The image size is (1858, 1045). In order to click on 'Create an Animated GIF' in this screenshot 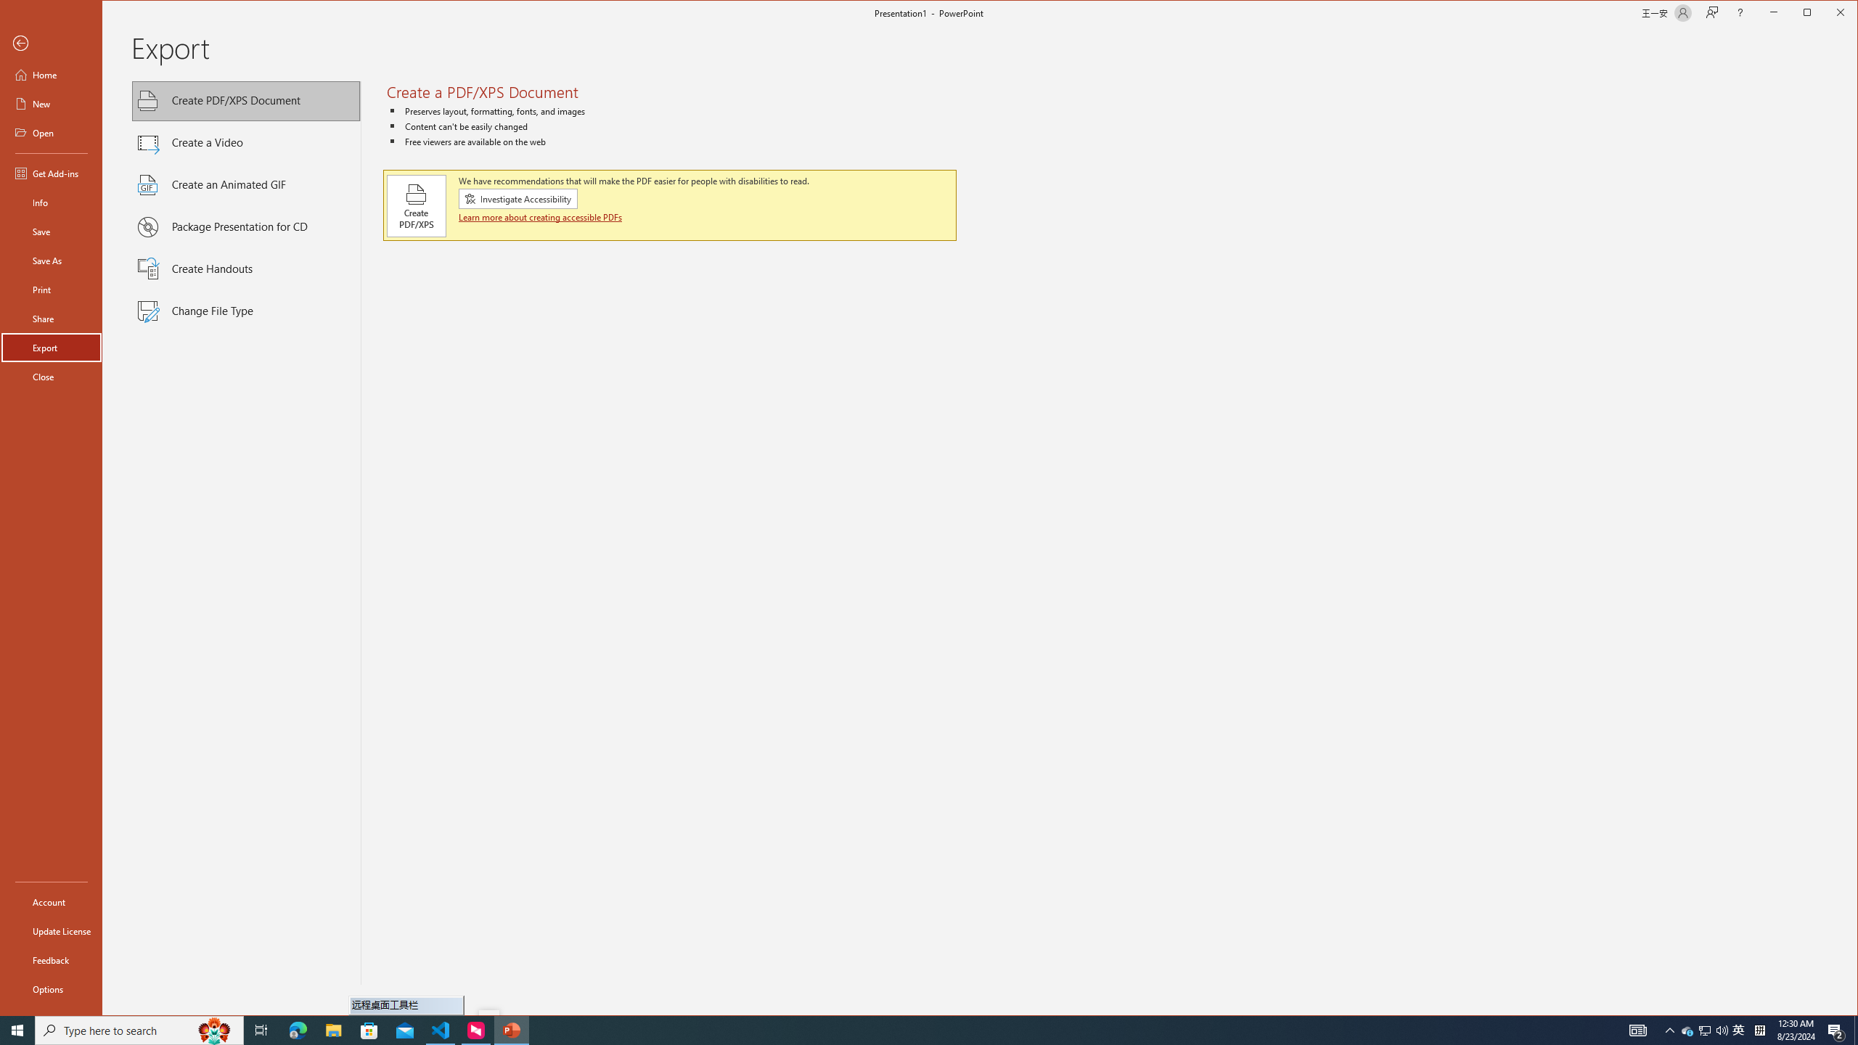, I will do `click(246, 184)`.